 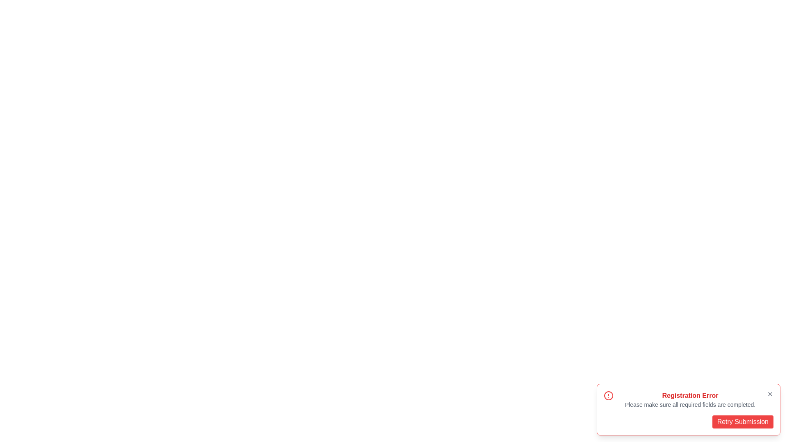 What do you see at coordinates (769, 394) in the screenshot?
I see `the close button located at the top-right corner of the error message panel to change its color` at bounding box center [769, 394].